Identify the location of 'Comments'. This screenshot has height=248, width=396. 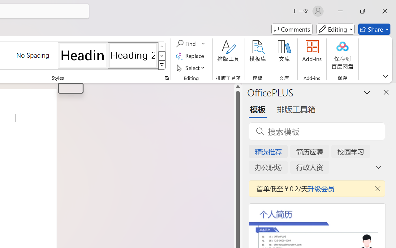
(292, 29).